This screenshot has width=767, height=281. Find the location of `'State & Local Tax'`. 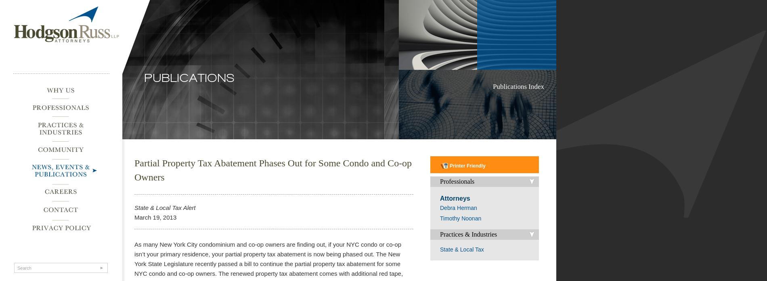

'State & Local Tax' is located at coordinates (461, 249).